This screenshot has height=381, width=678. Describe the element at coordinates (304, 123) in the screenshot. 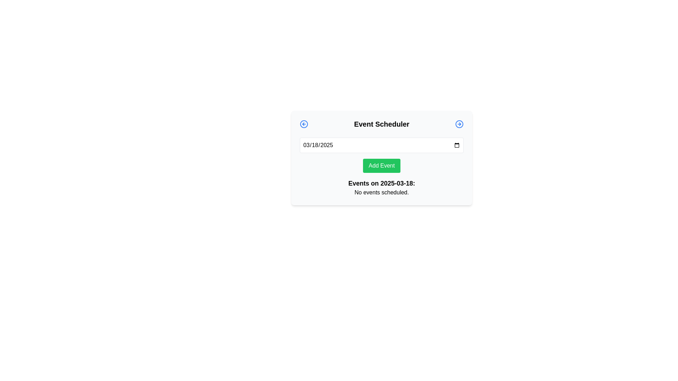

I see `the circular SVG element that is part of a left-arrow icon located in the top-left corner of the content card` at that location.